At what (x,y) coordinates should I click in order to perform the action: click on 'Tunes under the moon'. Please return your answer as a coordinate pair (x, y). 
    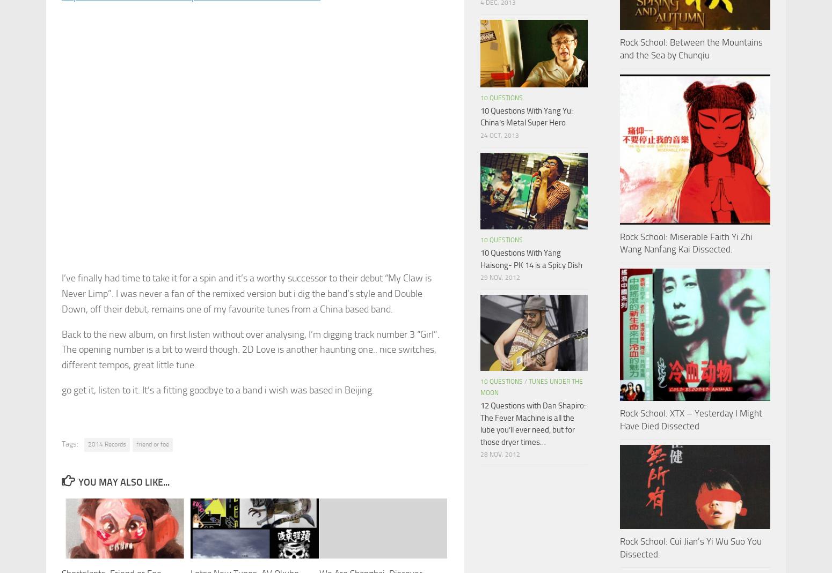
    Looking at the image, I should click on (531, 386).